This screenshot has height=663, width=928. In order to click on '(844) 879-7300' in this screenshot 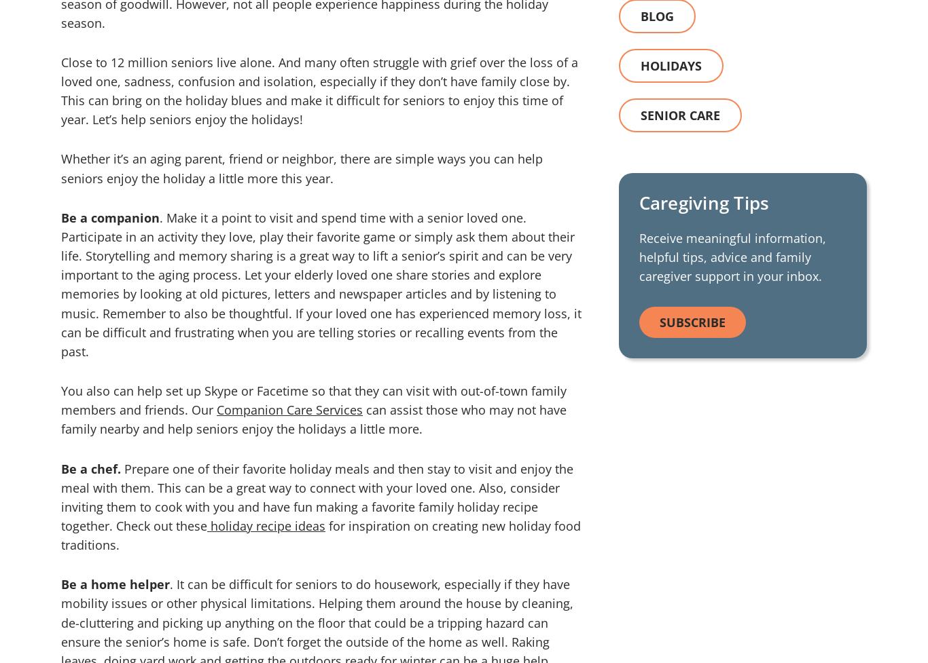, I will do `click(688, 125)`.